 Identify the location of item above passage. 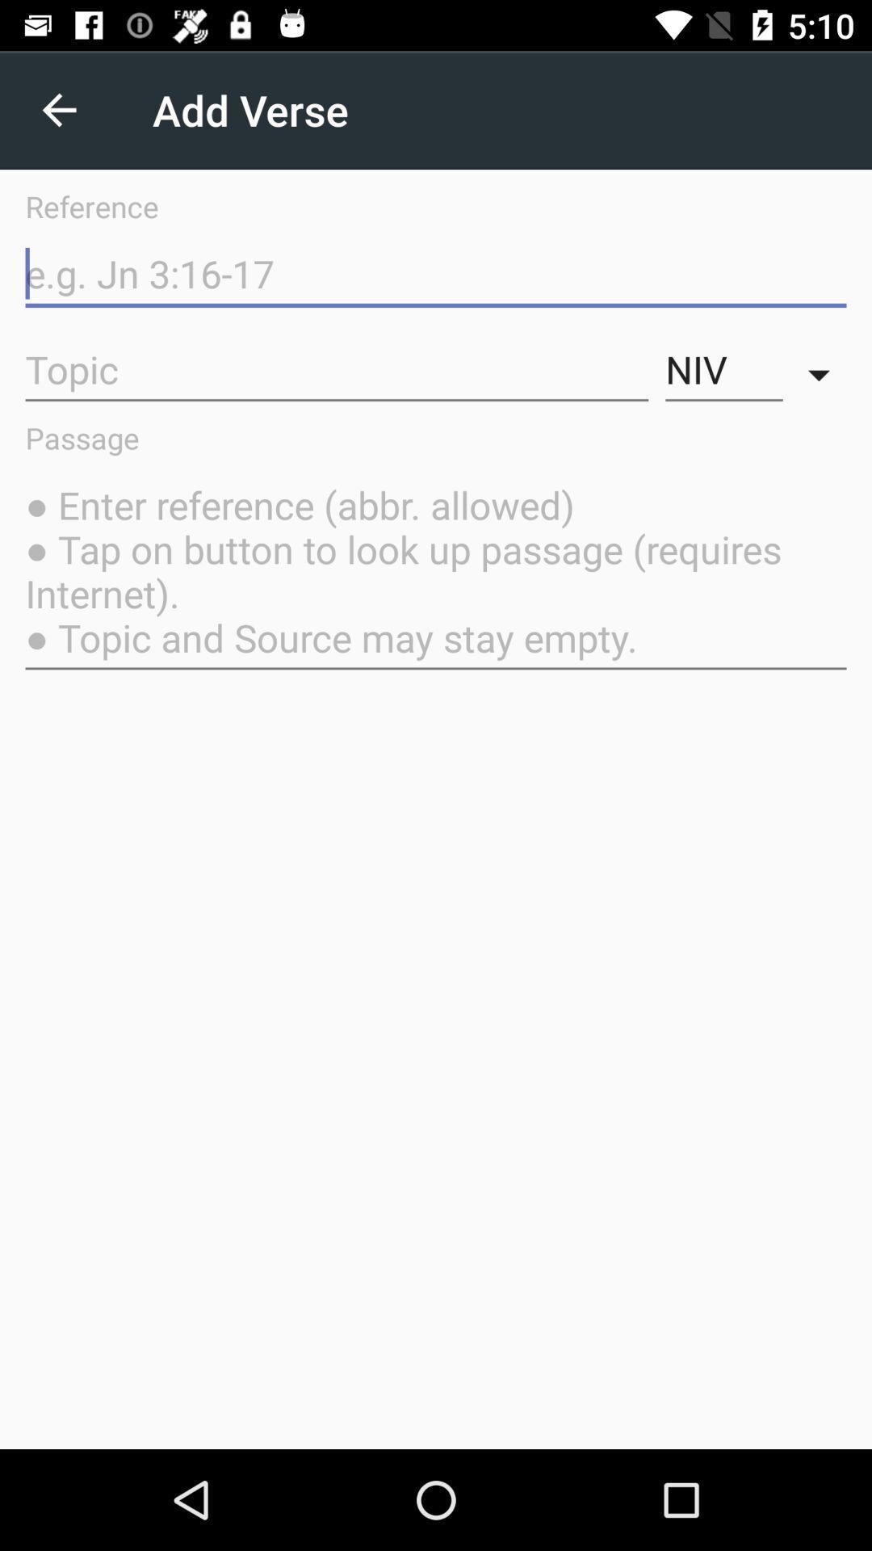
(723, 369).